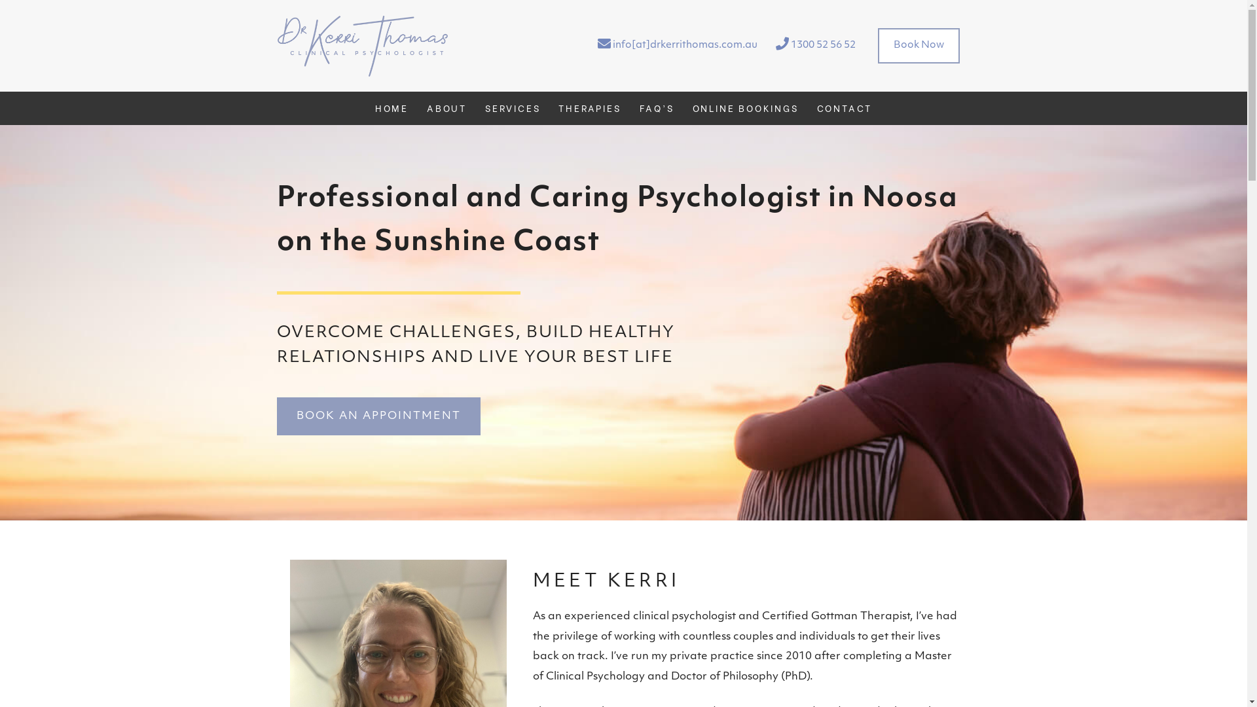  What do you see at coordinates (367, 107) in the screenshot?
I see `'HOME'` at bounding box center [367, 107].